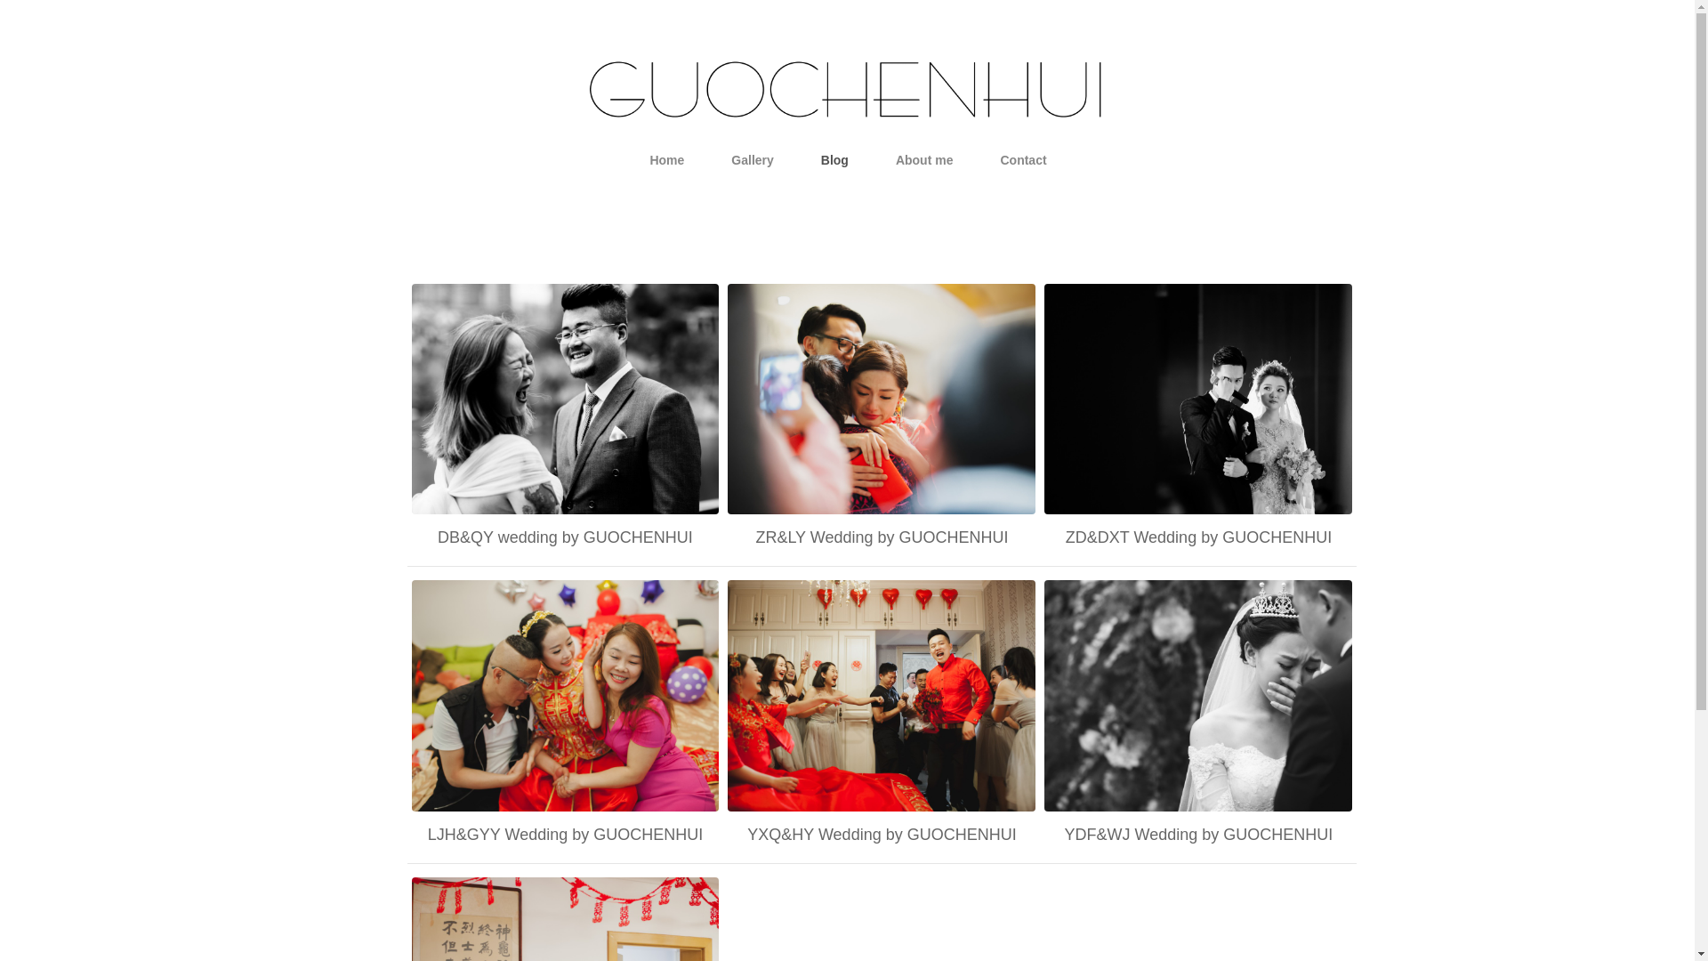 This screenshot has width=1708, height=961. What do you see at coordinates (924, 160) in the screenshot?
I see `'About me'` at bounding box center [924, 160].